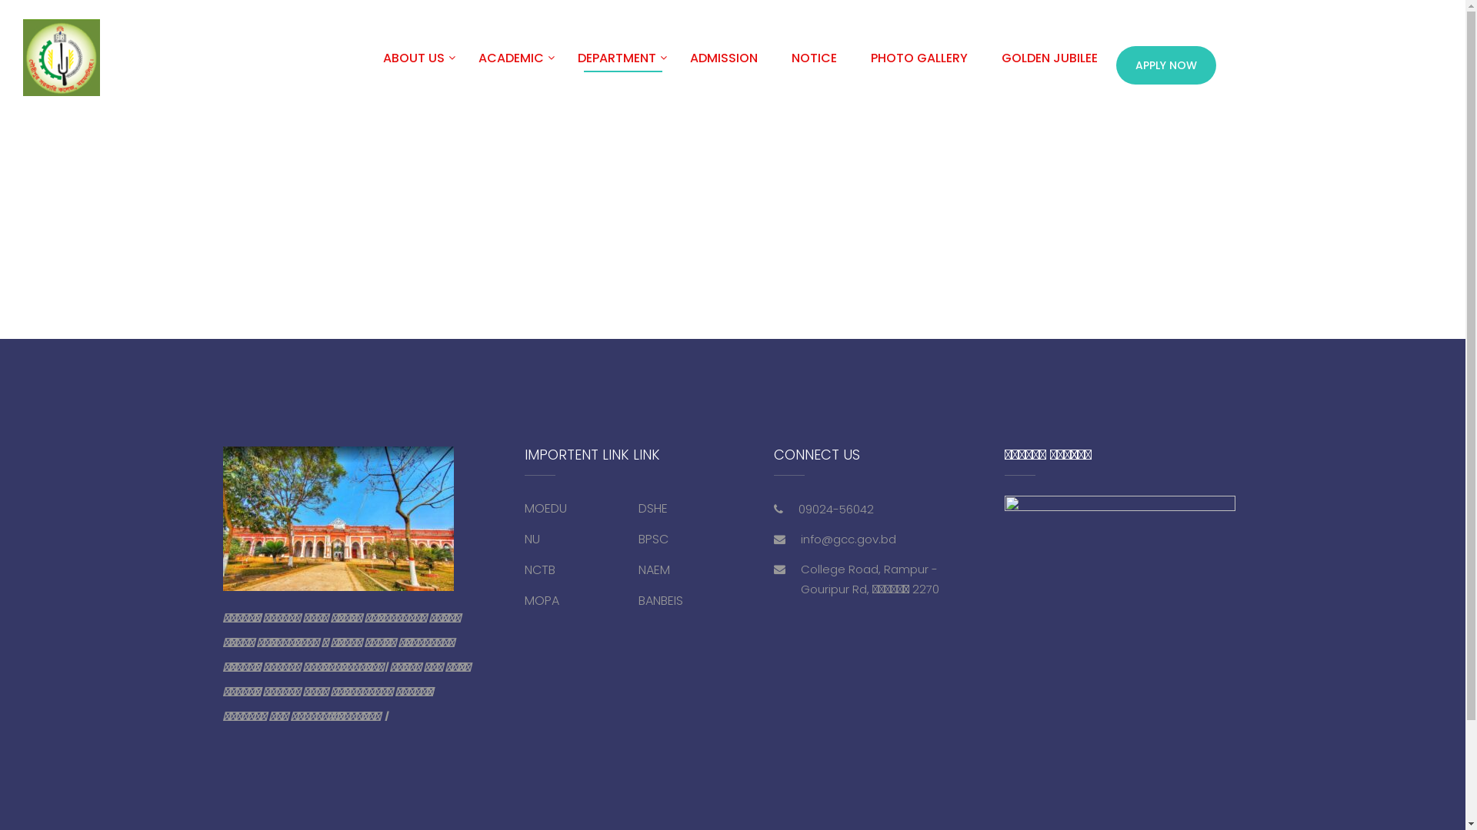  I want to click on 'info@gcc.gov.bd', so click(848, 538).